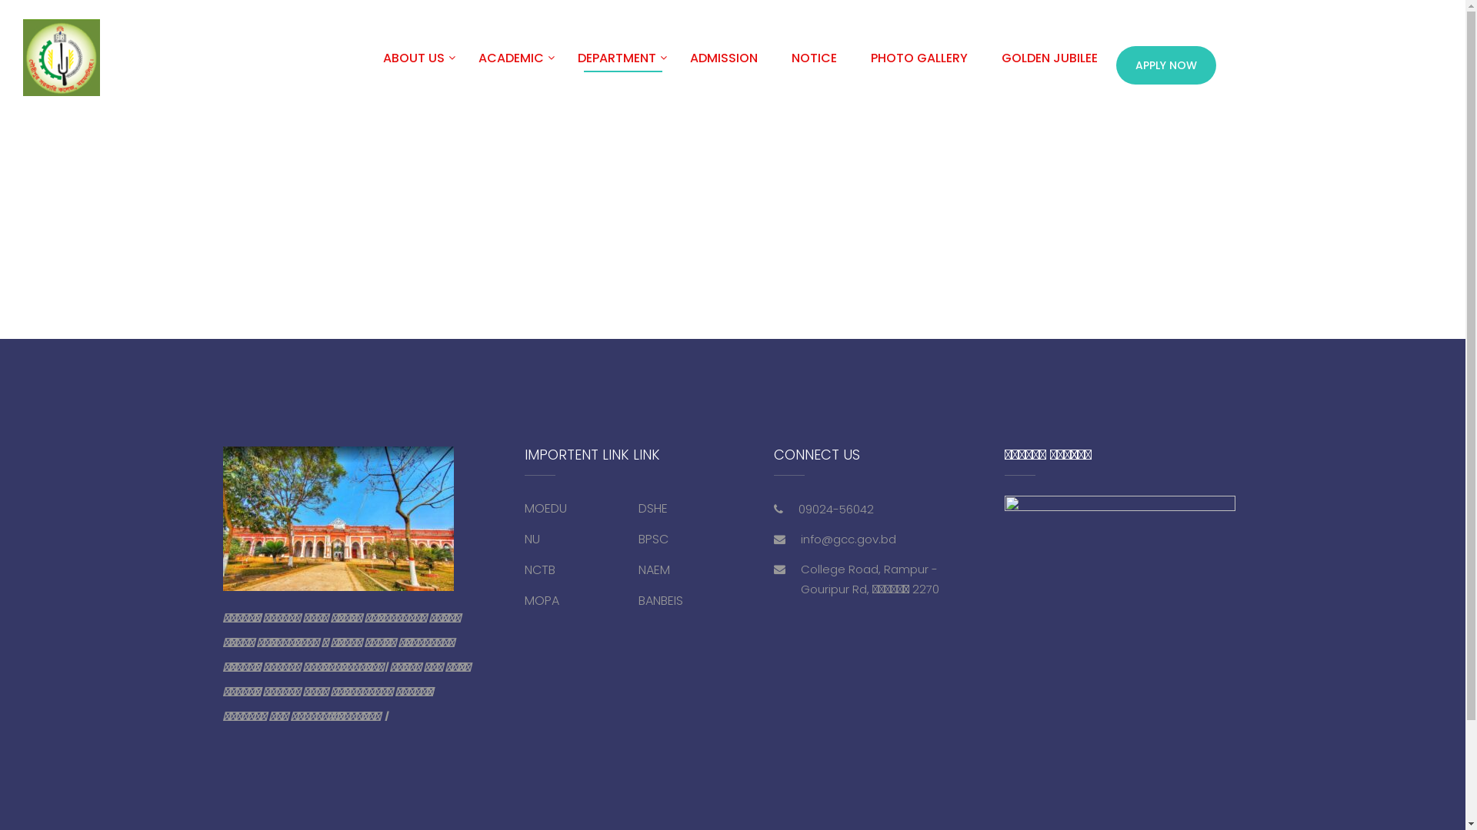  I want to click on 'info@gcc.gov.bd', so click(848, 538).